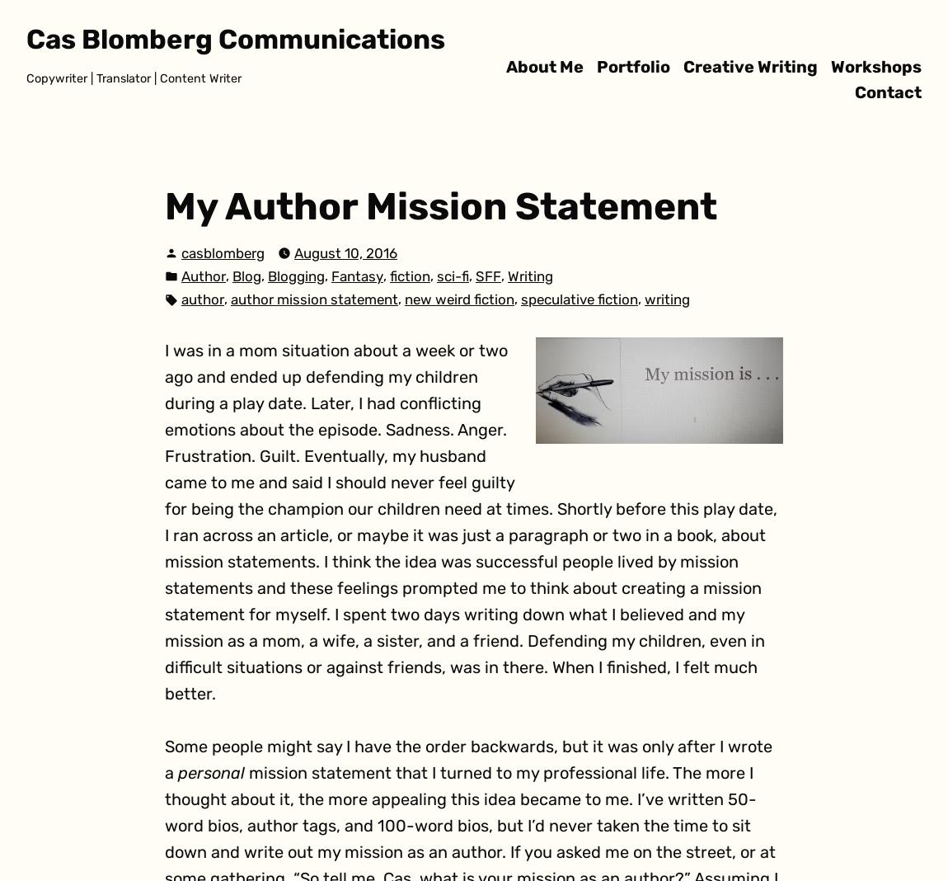 The image size is (948, 881). I want to click on 'Cas Blomberg Communications', so click(25, 38).